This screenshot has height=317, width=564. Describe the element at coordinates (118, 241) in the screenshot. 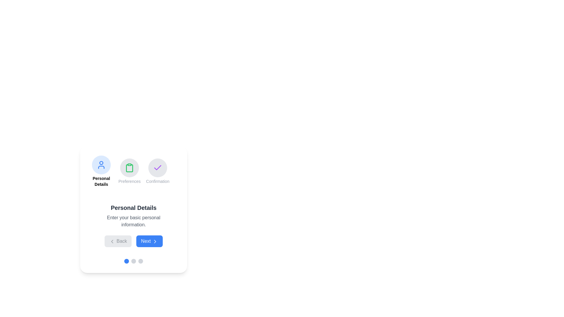

I see `the gray rounded rectangular button labeled 'Back'` at that location.